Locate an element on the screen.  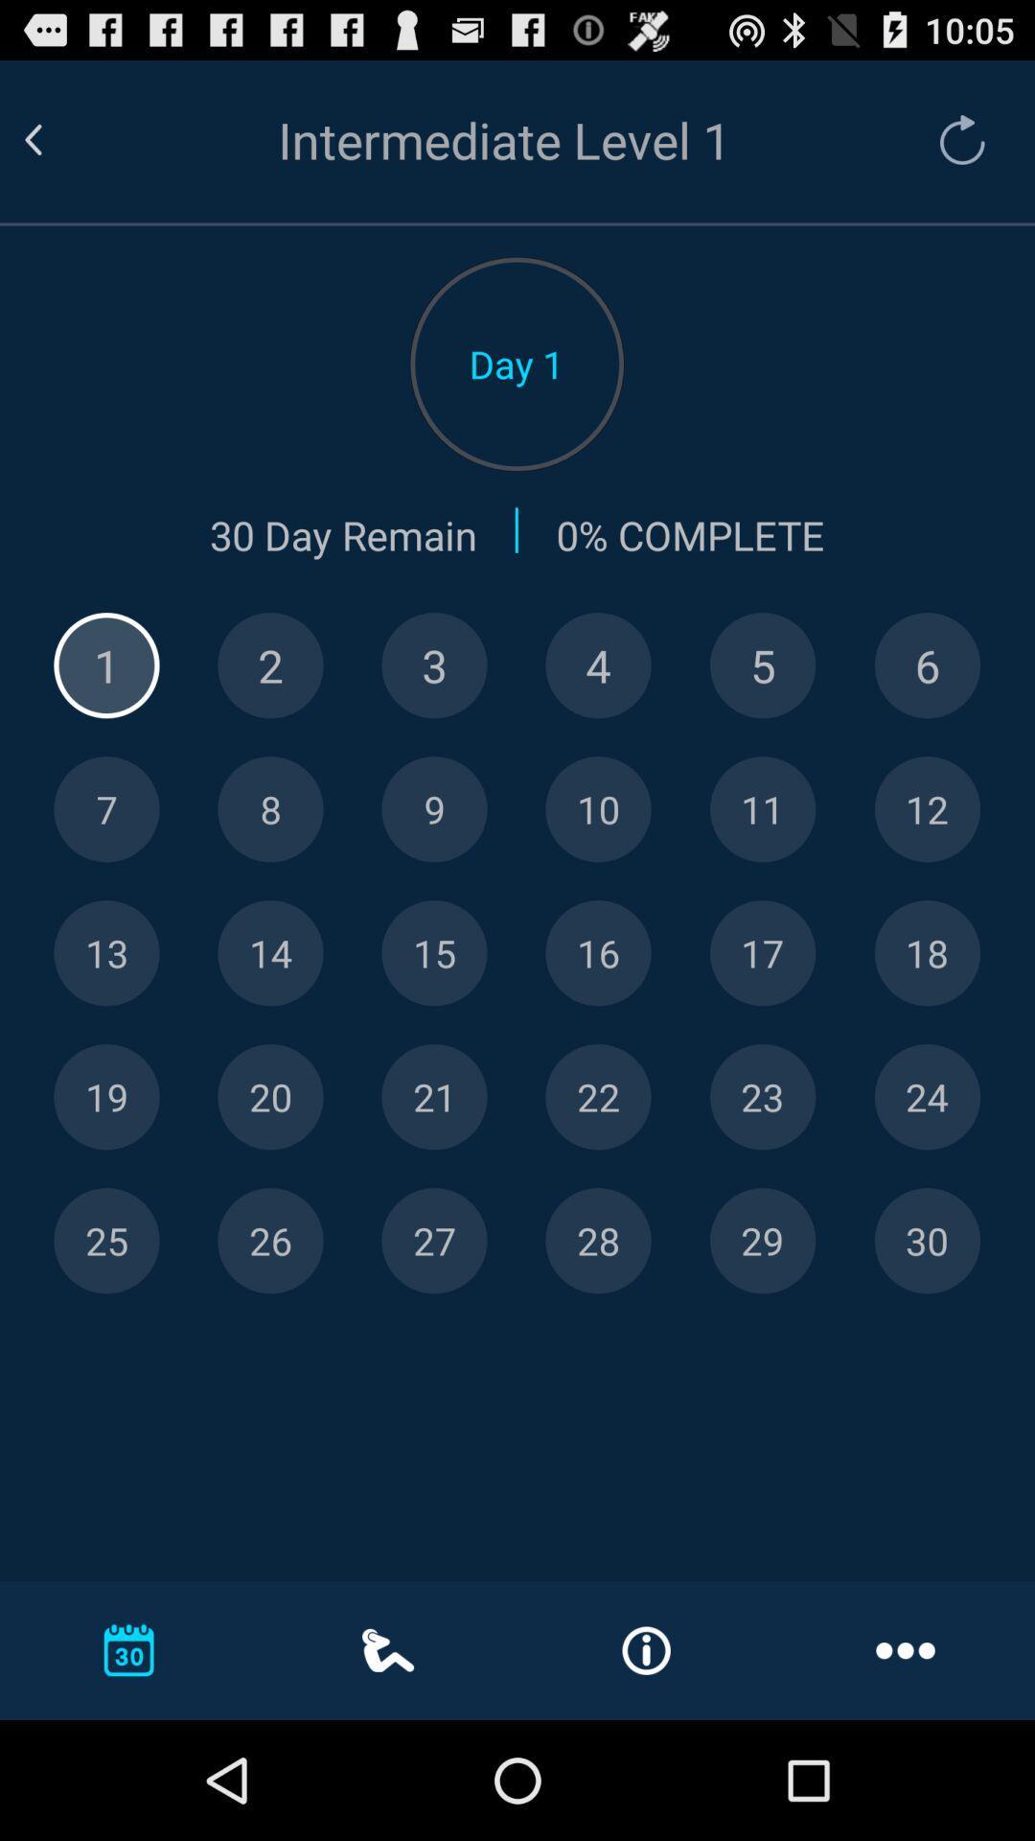
seven is located at coordinates (106, 809).